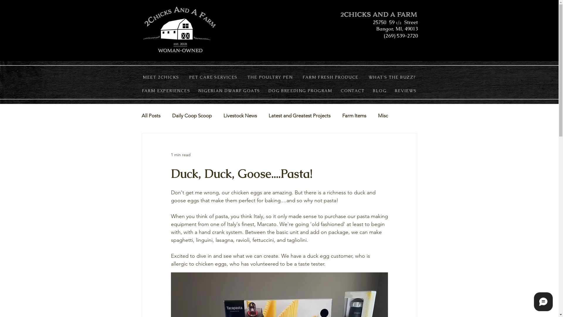  I want to click on 'REVIEWS', so click(405, 90).